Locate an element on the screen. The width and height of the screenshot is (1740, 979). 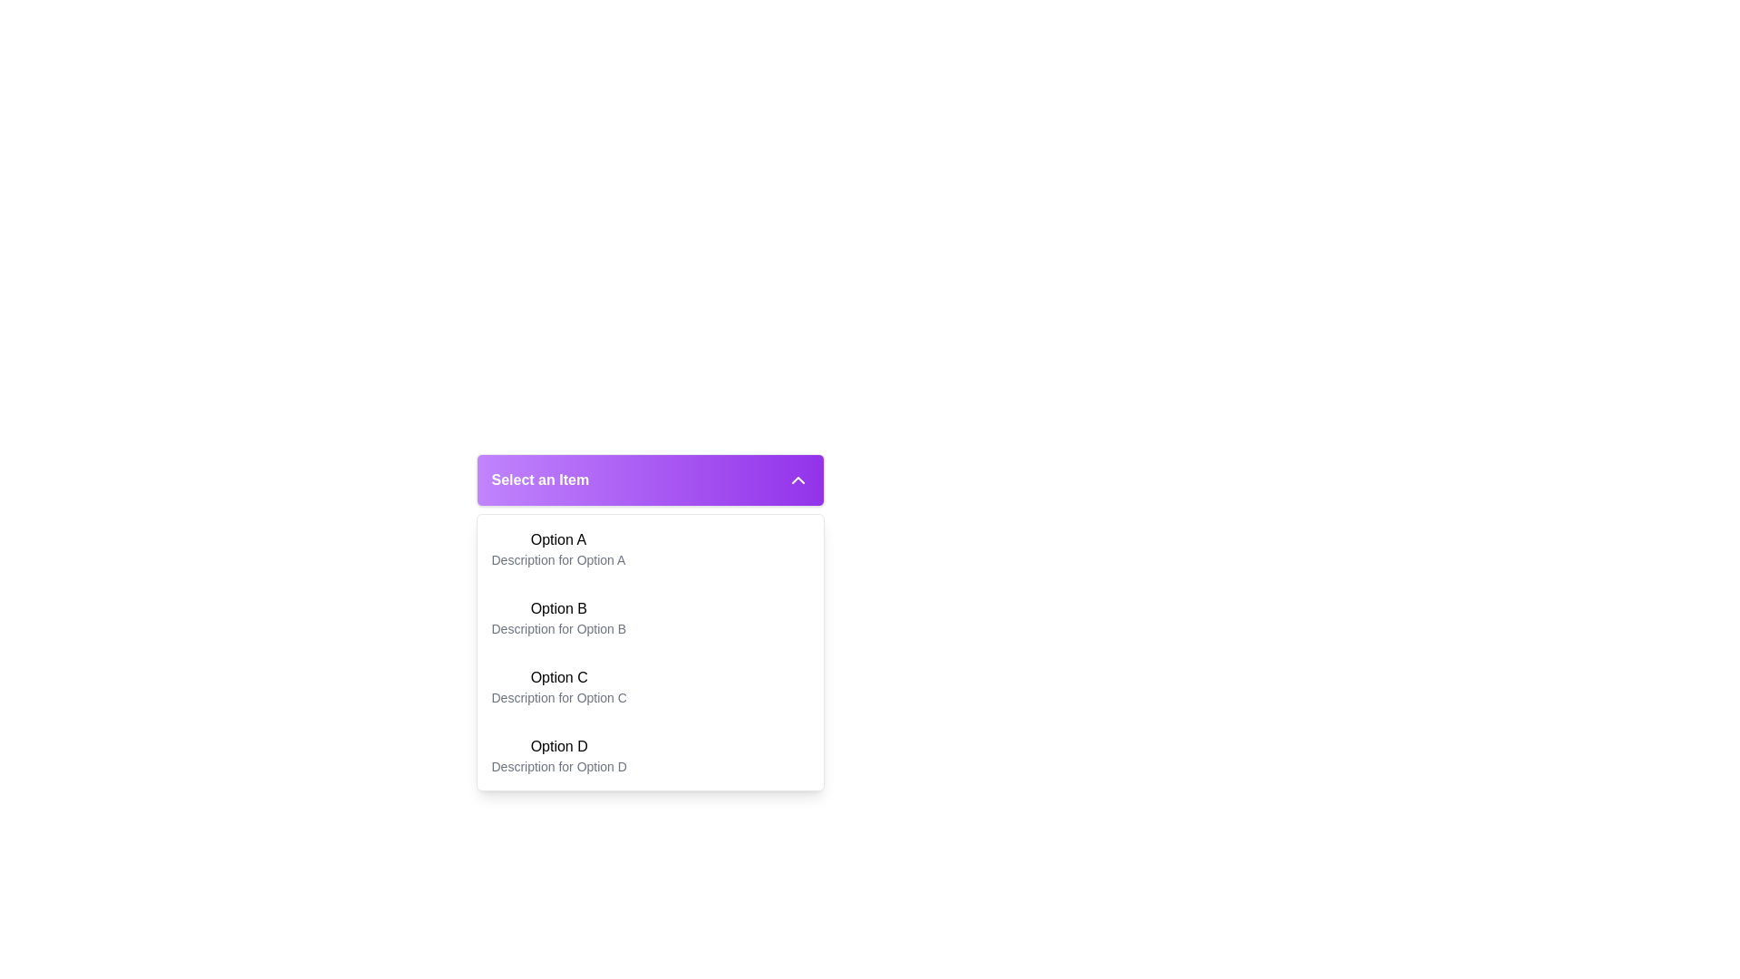
the chevron-up icon with a white outline on the purple gradient header bar labeled 'Select an Item' is located at coordinates (797, 479).